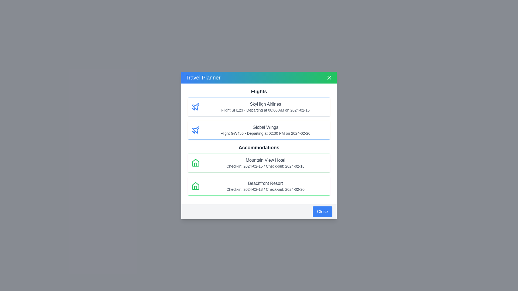  Describe the element at coordinates (265, 189) in the screenshot. I see `the text displaying the check-in and check-out dates for the 'Beachfront Resort' accommodation, located below the 'Beachfront Resort' text in the green-bordered box of the 'Accommodations' section` at that location.